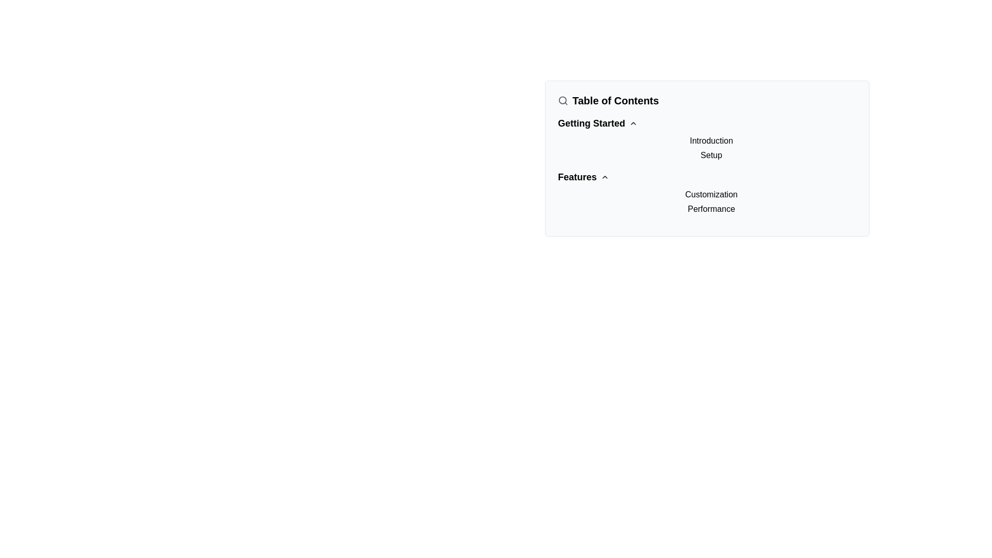 The image size is (992, 558). What do you see at coordinates (583, 177) in the screenshot?
I see `the 'Features' heading or the upward-facing chevron icon` at bounding box center [583, 177].